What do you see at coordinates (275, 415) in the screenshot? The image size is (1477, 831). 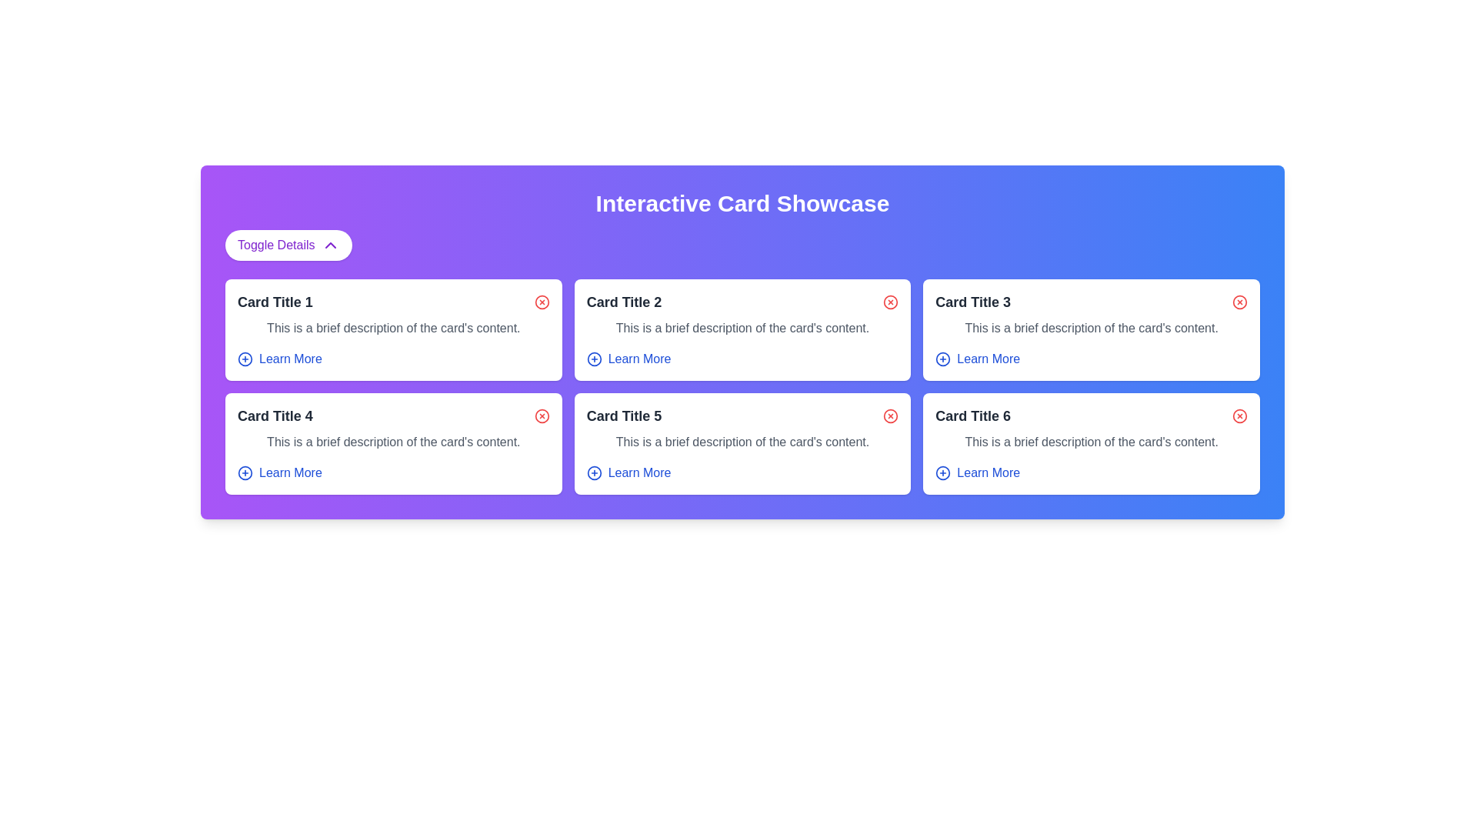 I see `the text content of the text component displaying 'Card Title 4', which is in bold, dark gray font and located in the first column of the second row in the grid layout` at bounding box center [275, 415].